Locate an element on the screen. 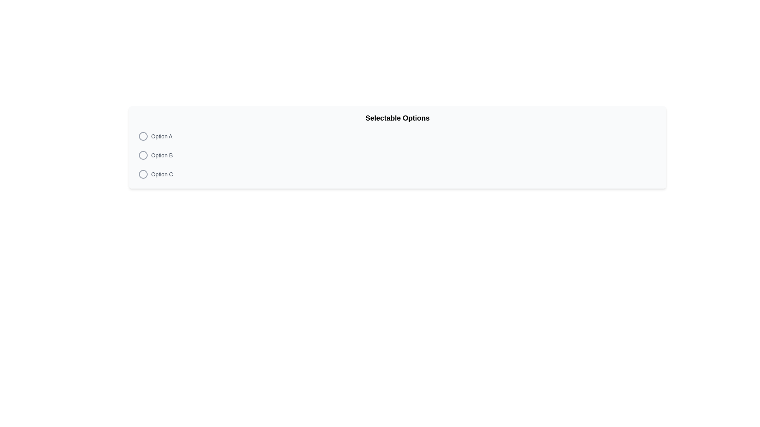  the radio button for 'Option B' is located at coordinates (143, 155).